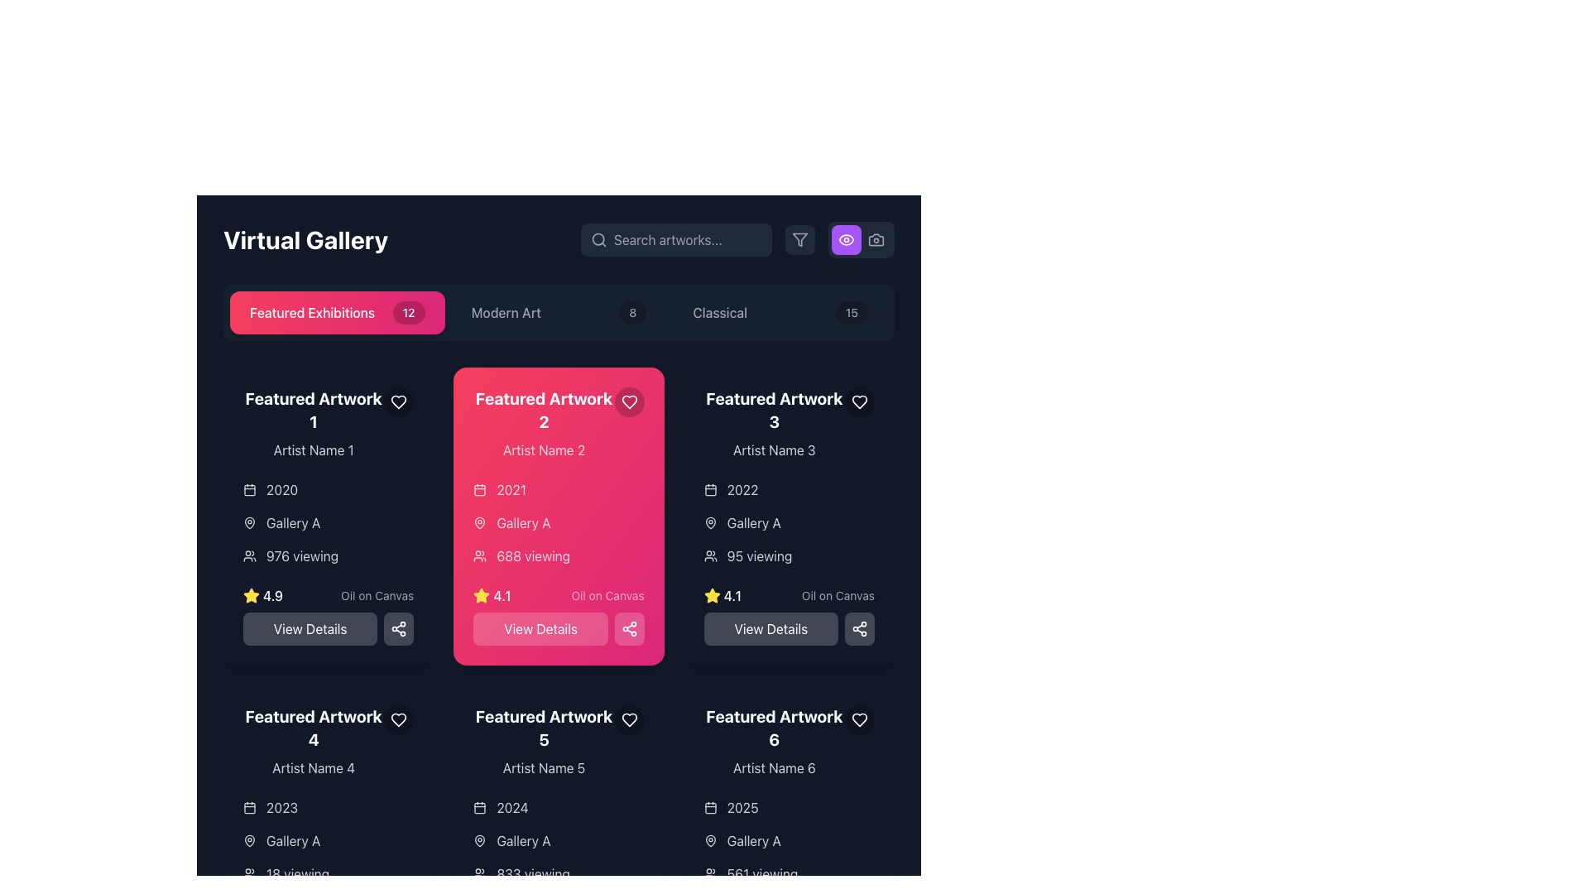 The width and height of the screenshot is (1589, 894). What do you see at coordinates (250, 594) in the screenshot?
I see `the yellow star icon that indicates the rating for 'Featured Artwork 2', located next to the rating '4.1'` at bounding box center [250, 594].